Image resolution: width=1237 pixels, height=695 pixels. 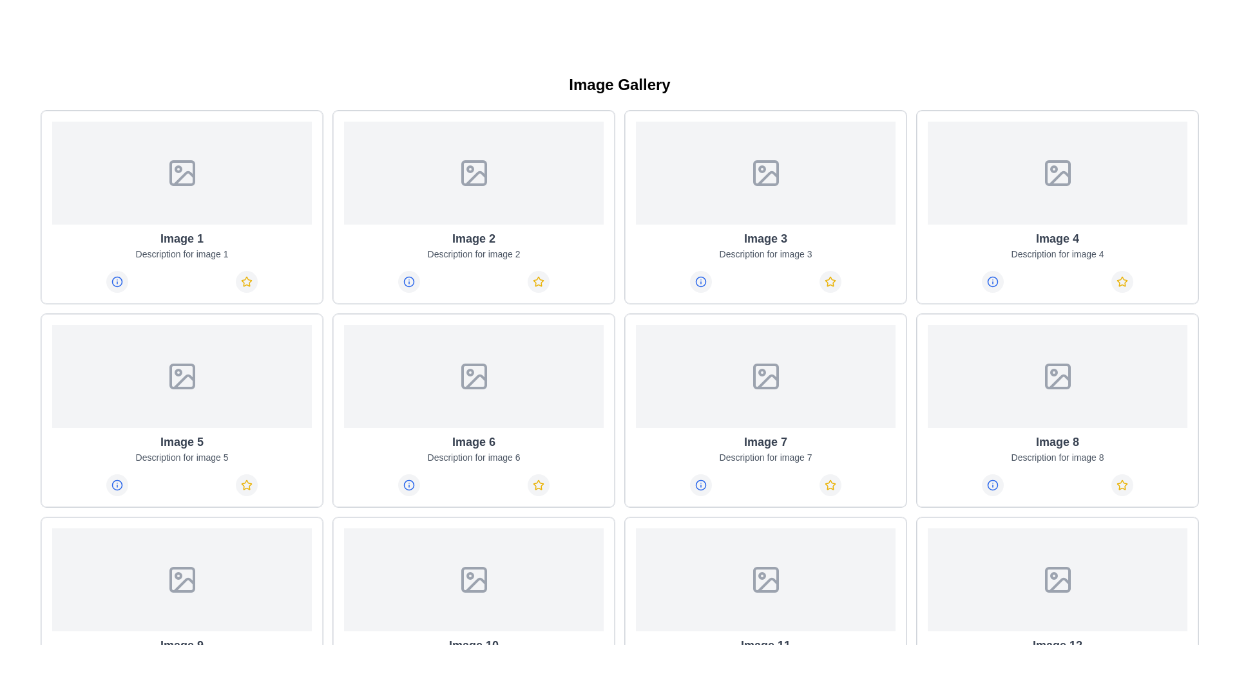 I want to click on the star-shaped yellow icon on a light gray circular background, located in the bottom-right corner of the eighth image in the 'Image Gallery', so click(x=1122, y=485).